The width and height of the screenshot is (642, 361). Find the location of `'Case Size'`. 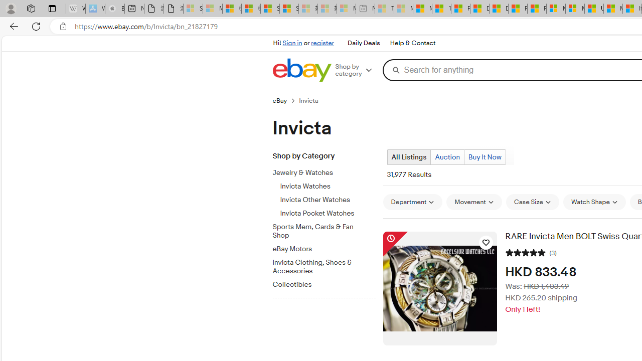

'Case Size' is located at coordinates (532, 202).